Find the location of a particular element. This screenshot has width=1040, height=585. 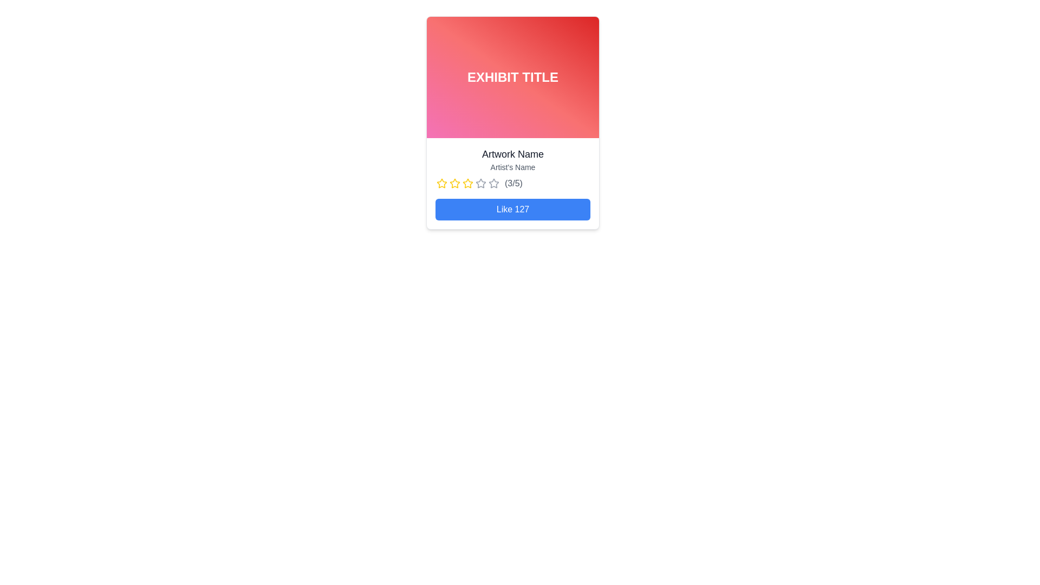

the gray text label displaying '(3/5)', which is located to the immediate right of the star rating system and aligned horizontally with the stars is located at coordinates (513, 183).